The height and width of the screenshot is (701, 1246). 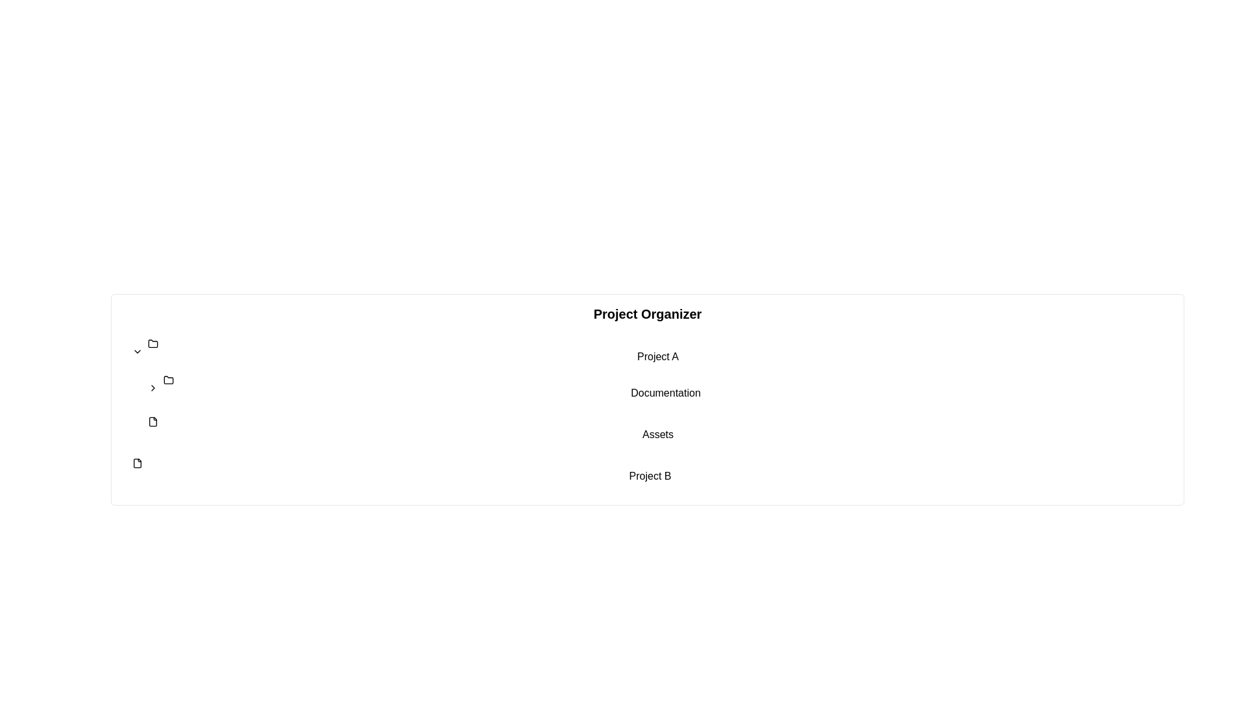 What do you see at coordinates (153, 387) in the screenshot?
I see `the submenu toggle icon located directly to the left of the 'Documentation' text` at bounding box center [153, 387].